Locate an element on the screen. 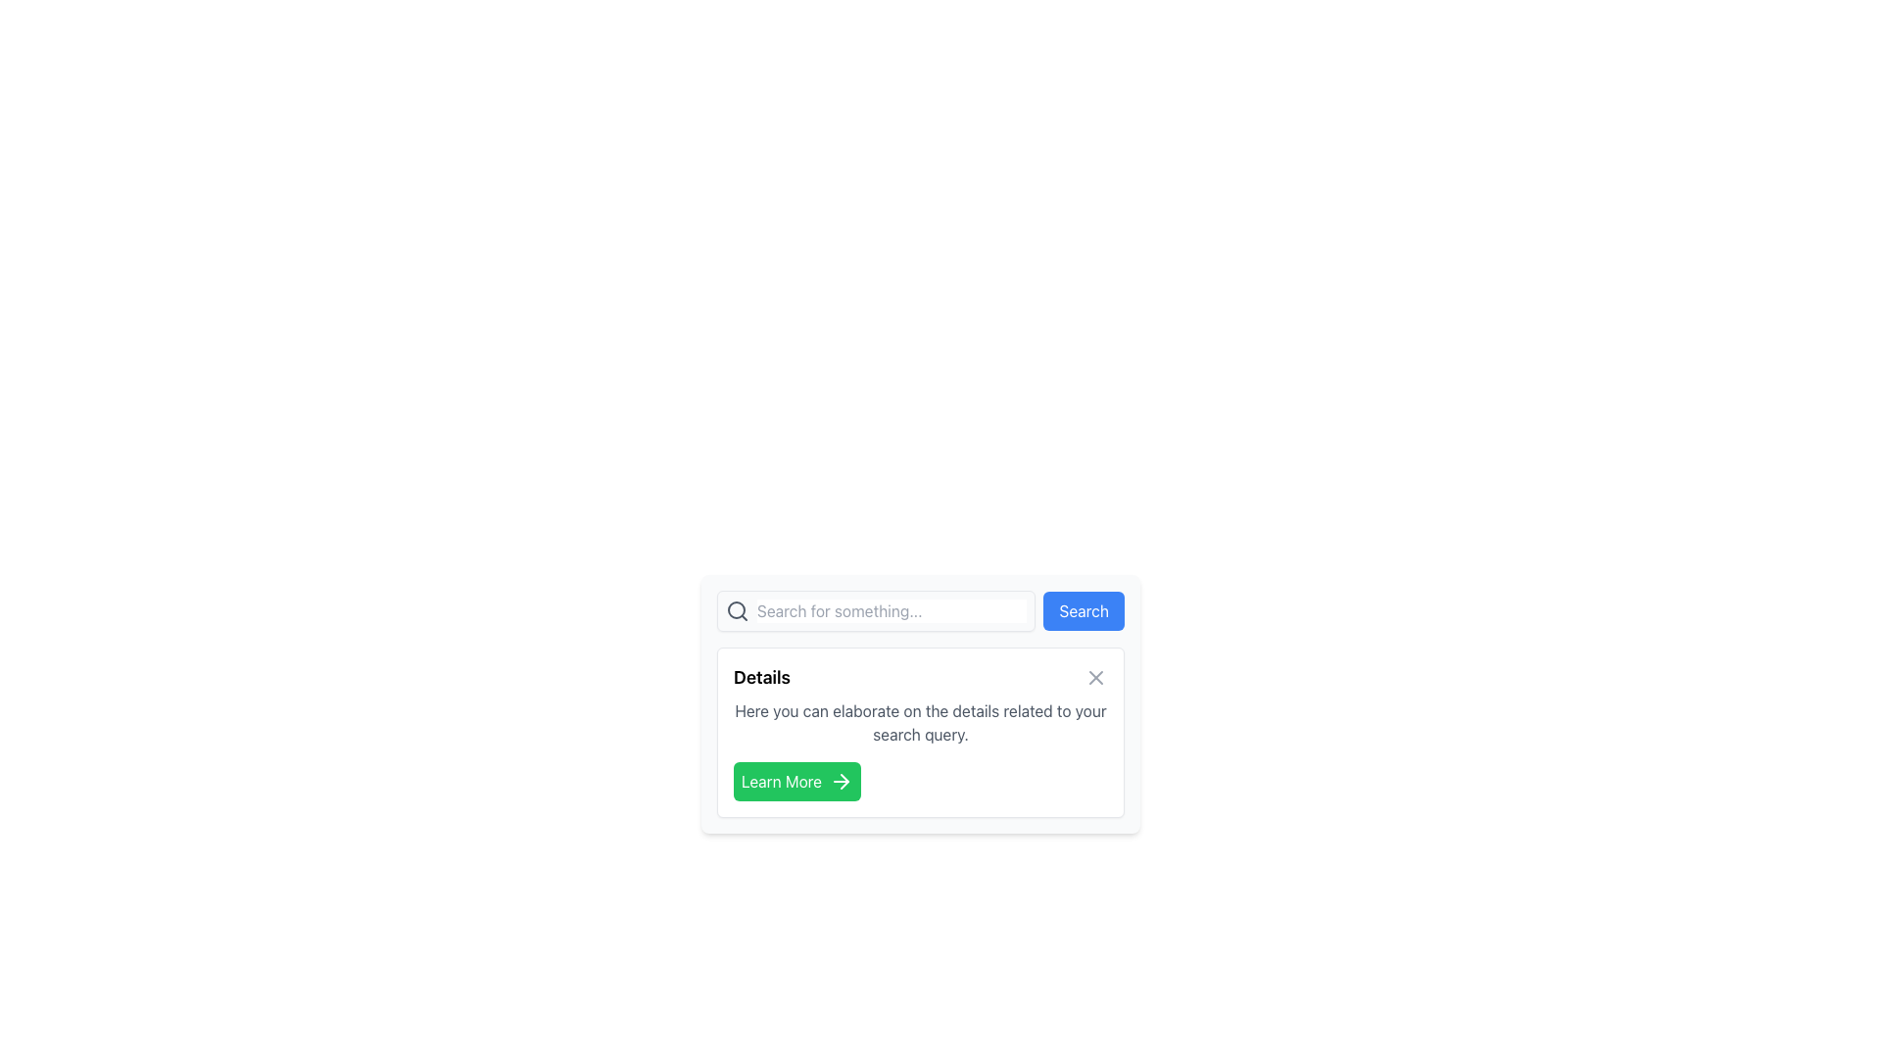  the Text Input Field with placeholder text 'Search for something...' is located at coordinates (875, 610).